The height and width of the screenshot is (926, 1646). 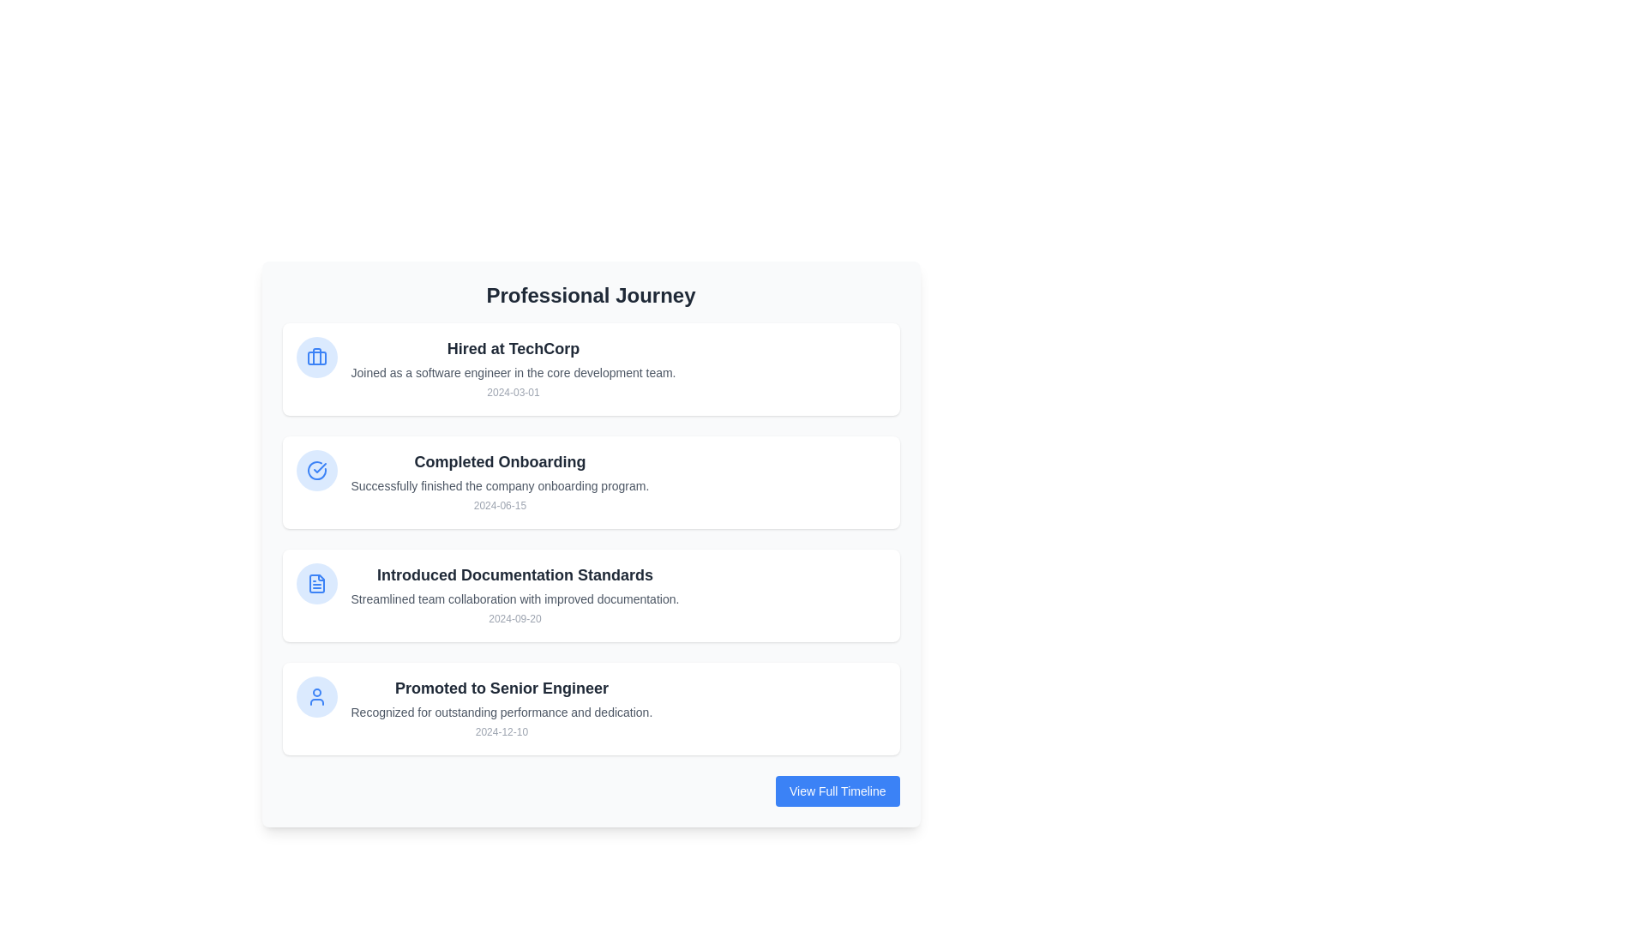 What do you see at coordinates (320, 468) in the screenshot?
I see `tick mark icon representing the completed task in the second card of the 'Professional Journey' section` at bounding box center [320, 468].